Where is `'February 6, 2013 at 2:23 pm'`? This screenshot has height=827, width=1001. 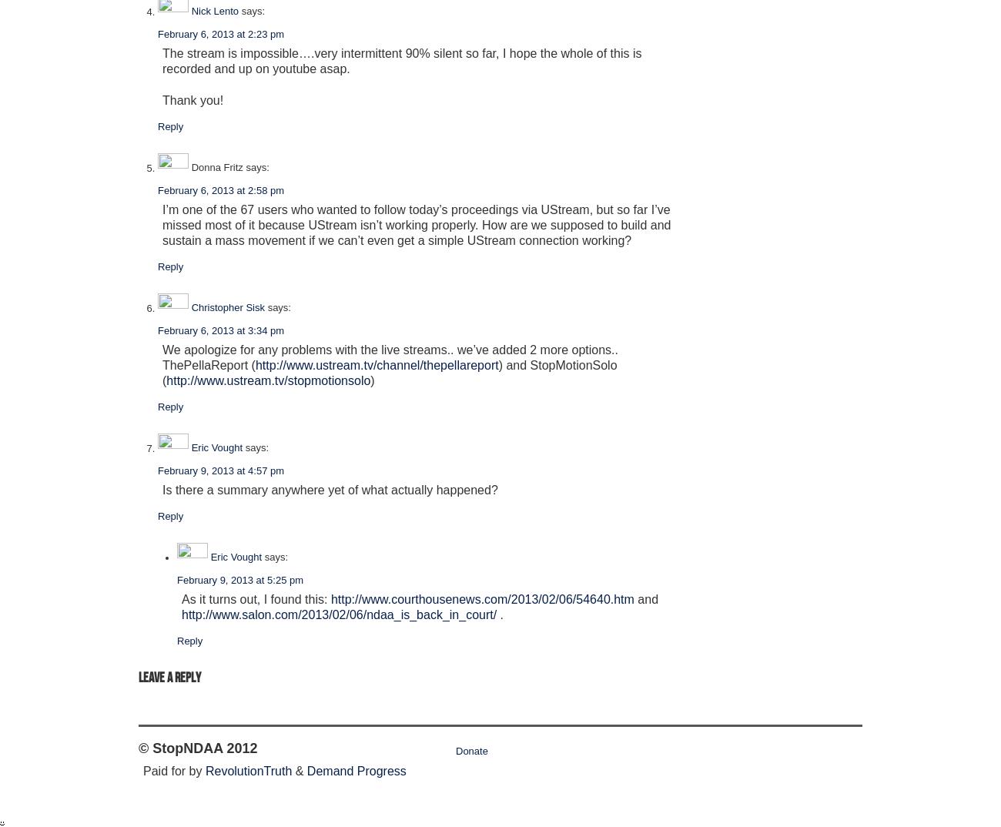
'February 6, 2013 at 2:23 pm' is located at coordinates (221, 33).